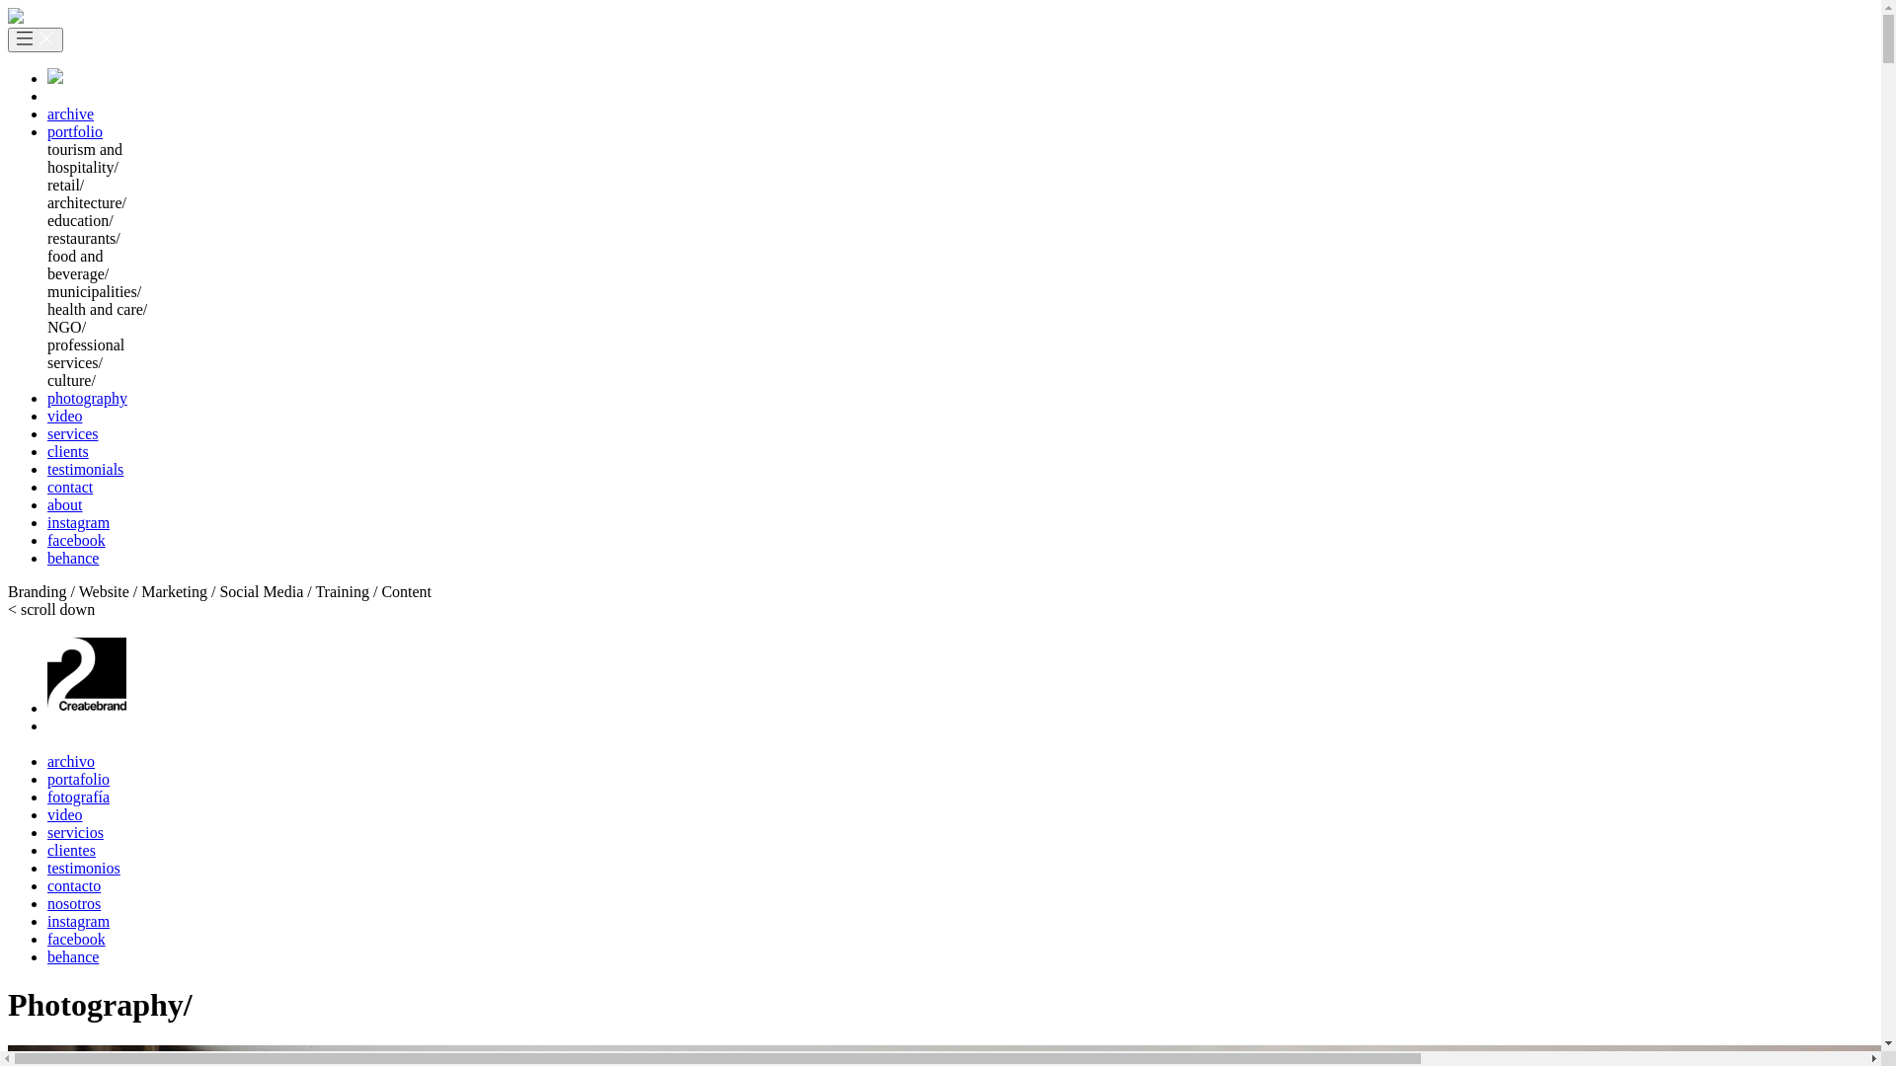 Image resolution: width=1896 pixels, height=1066 pixels. I want to click on 'contacto', so click(74, 884).